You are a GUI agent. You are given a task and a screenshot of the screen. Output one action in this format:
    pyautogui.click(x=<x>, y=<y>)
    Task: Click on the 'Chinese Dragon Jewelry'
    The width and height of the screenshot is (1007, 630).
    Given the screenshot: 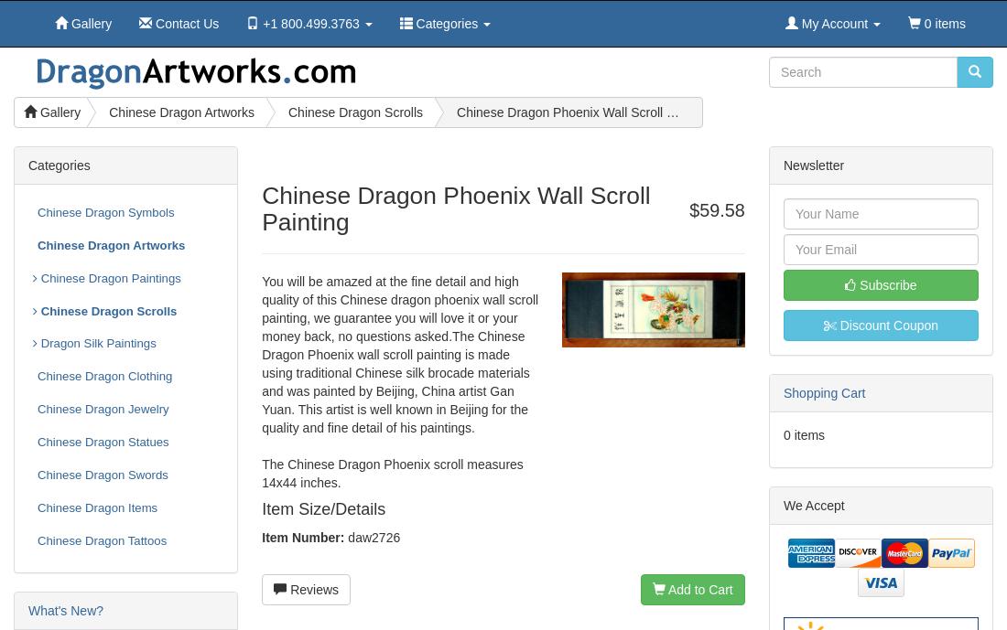 What is the action you would take?
    pyautogui.click(x=37, y=409)
    